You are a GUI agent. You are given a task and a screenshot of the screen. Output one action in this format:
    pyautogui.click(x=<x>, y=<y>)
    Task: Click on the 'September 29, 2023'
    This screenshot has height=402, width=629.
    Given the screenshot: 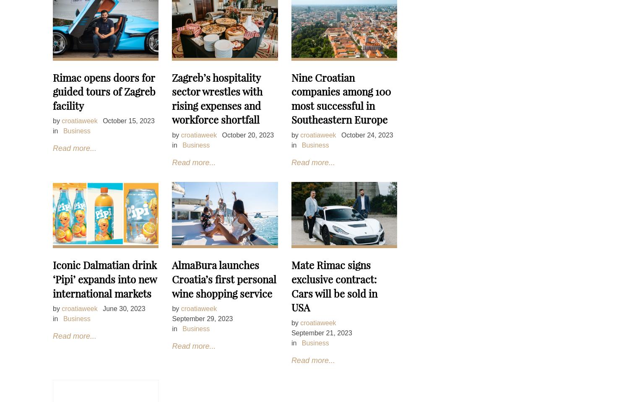 What is the action you would take?
    pyautogui.click(x=202, y=319)
    